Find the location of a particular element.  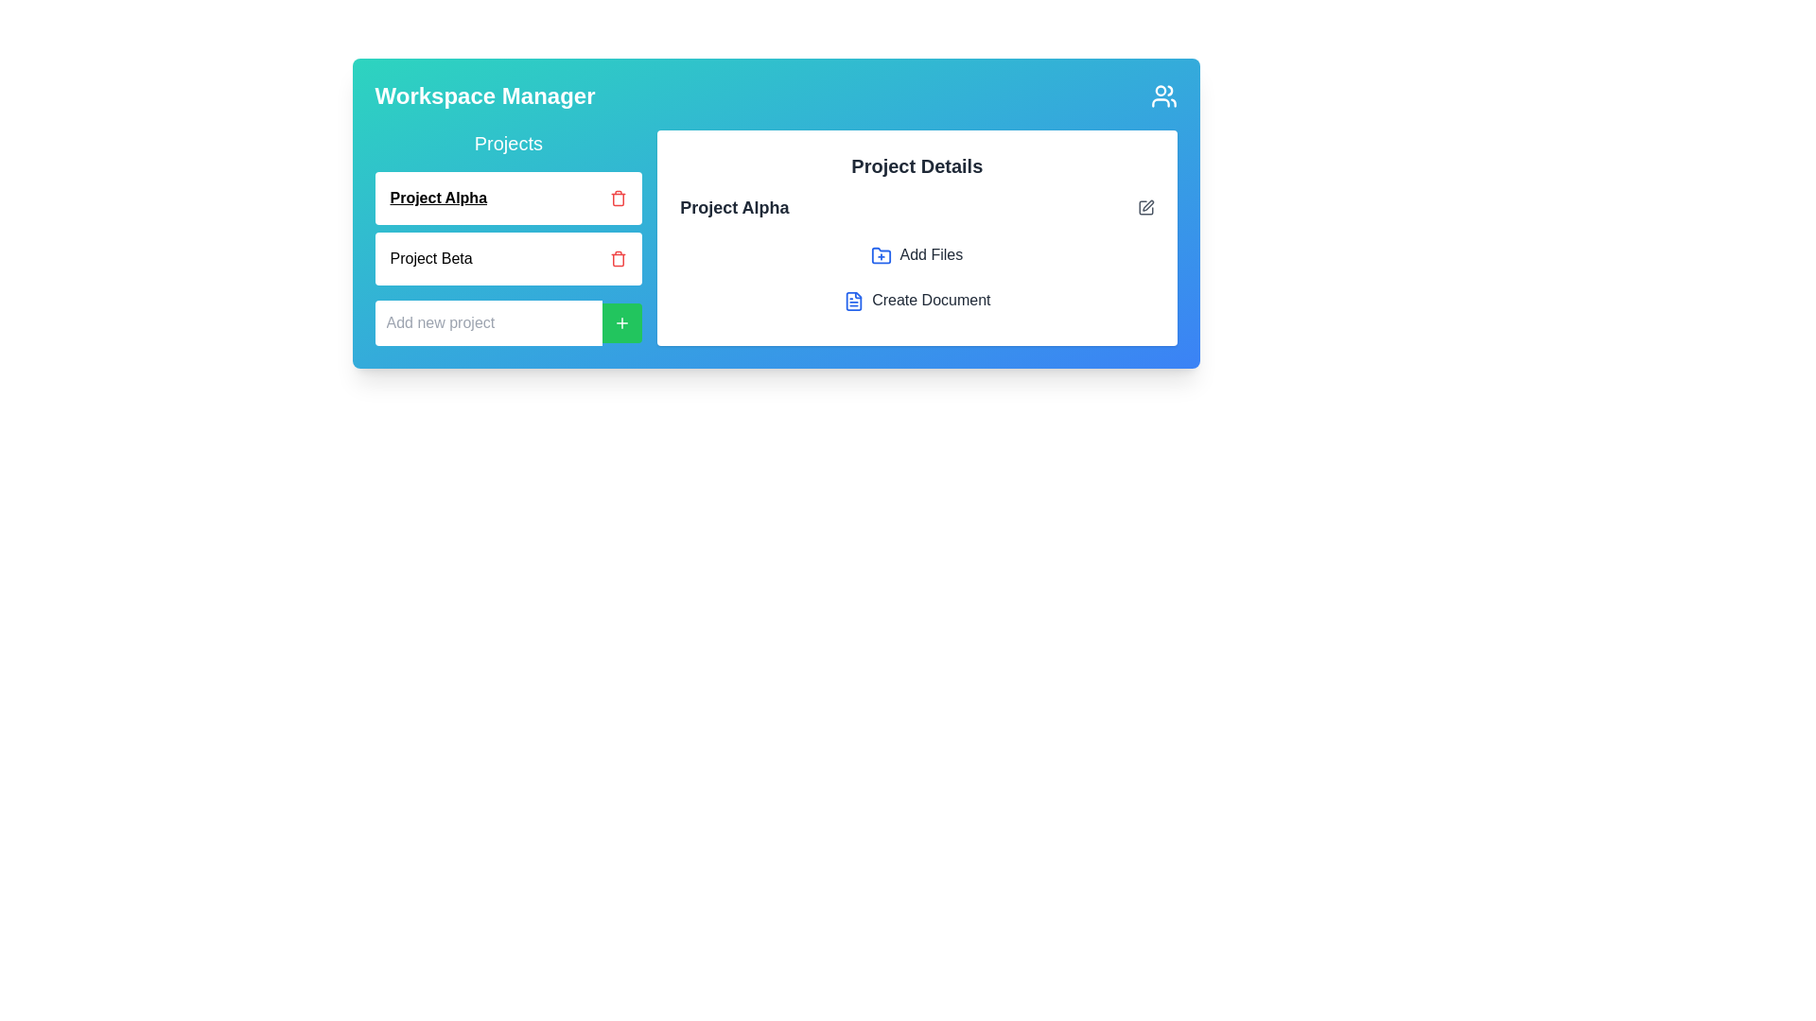

the blue file icon located to the left of the 'Create Document' label in the 'Project Details' section is located at coordinates (853, 300).